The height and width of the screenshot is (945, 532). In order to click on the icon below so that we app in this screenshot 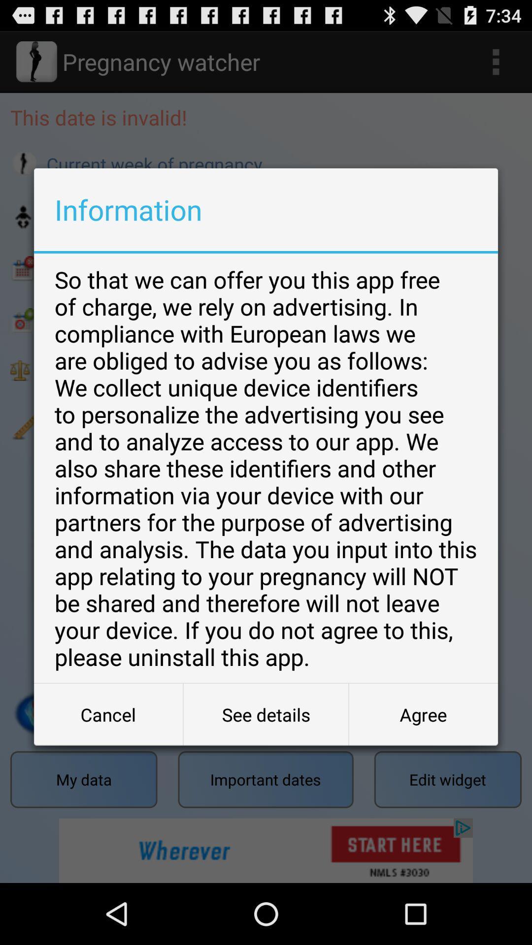, I will do `click(423, 714)`.